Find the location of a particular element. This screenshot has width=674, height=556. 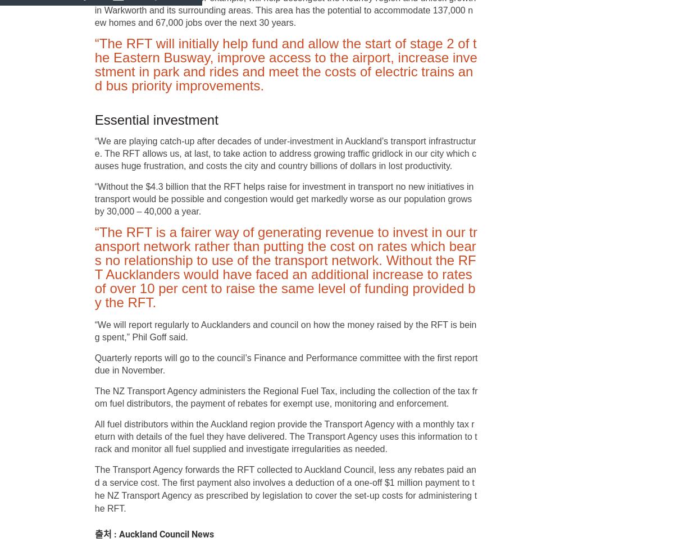

'Quarterly reports will go to the council’s Finance and Performance committee with the first report due in November.' is located at coordinates (285, 364).